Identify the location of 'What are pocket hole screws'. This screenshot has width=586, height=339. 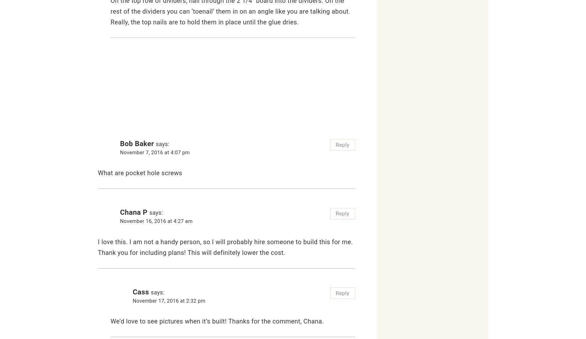
(139, 173).